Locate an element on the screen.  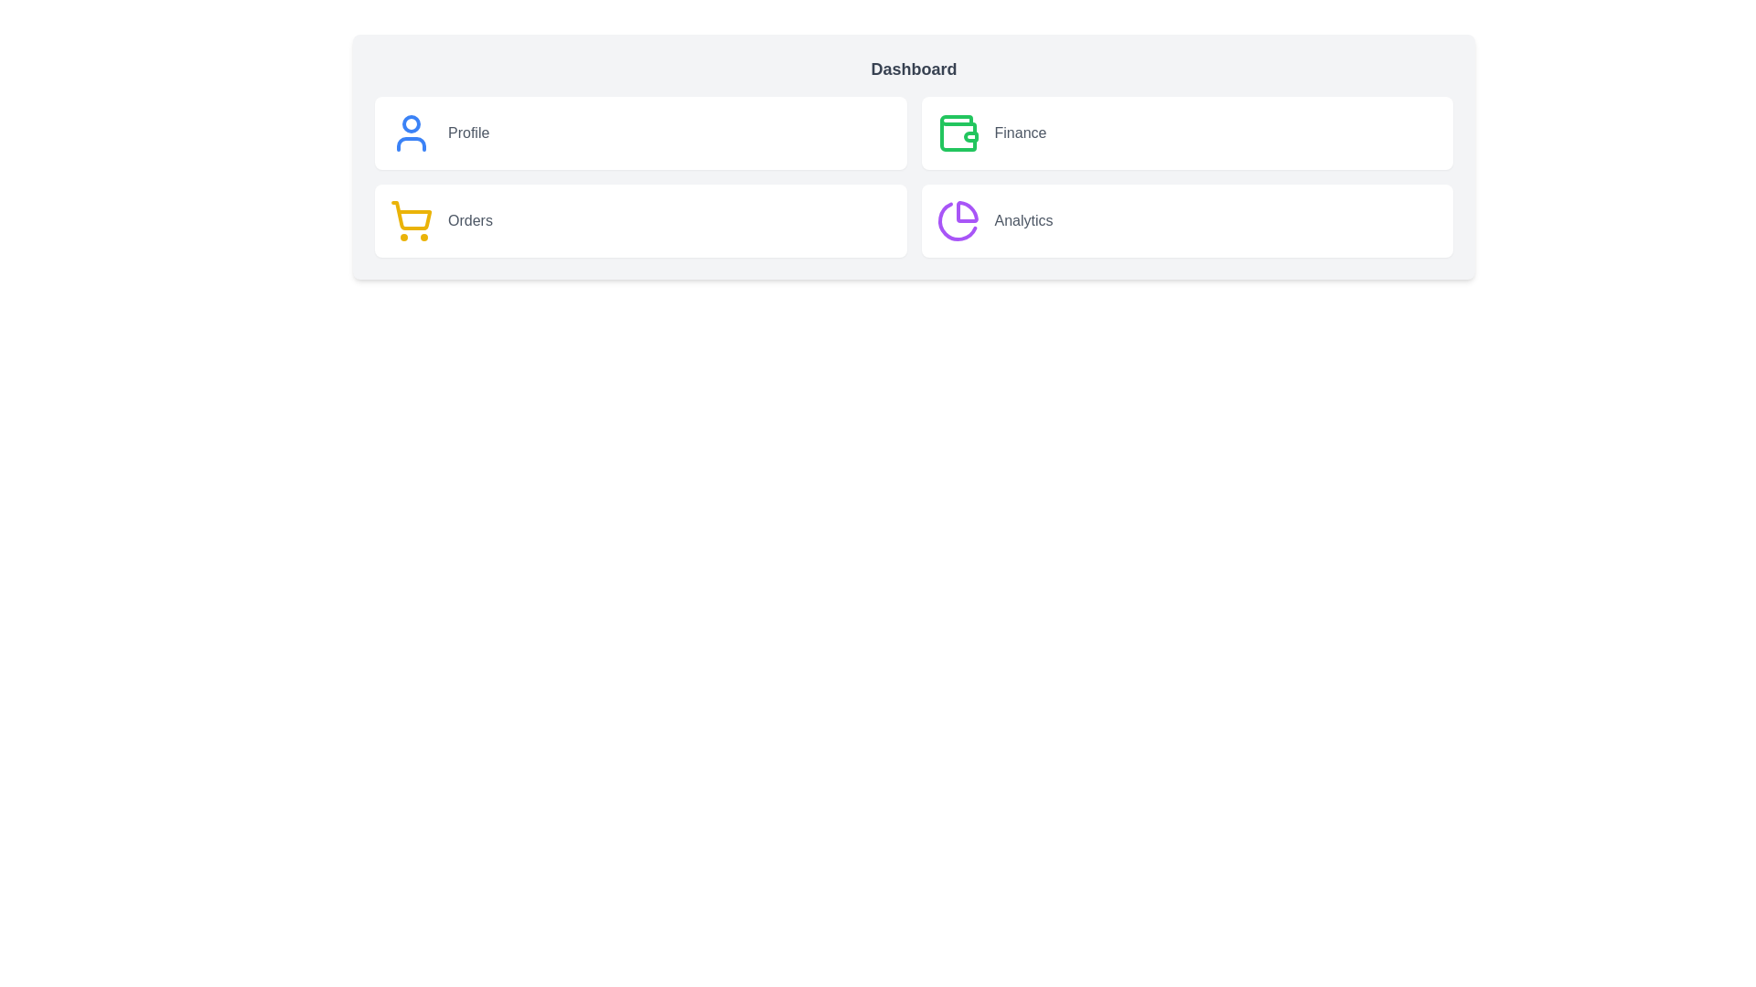
the 'Profile' text label located in the top-left quadrant of the main content grid, adjacent to the user icon and beneath the 'Dashboard' header is located at coordinates (468, 133).